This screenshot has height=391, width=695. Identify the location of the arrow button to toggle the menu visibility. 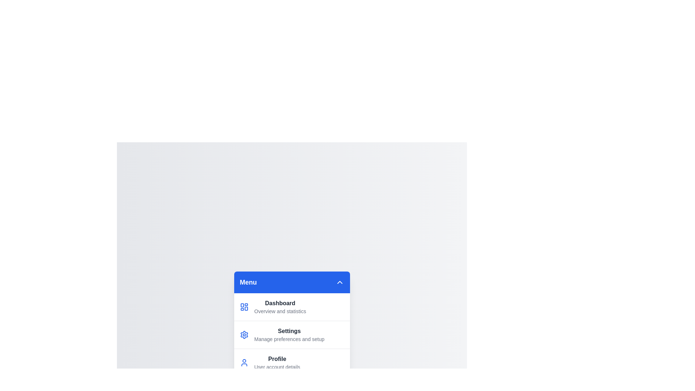
(339, 282).